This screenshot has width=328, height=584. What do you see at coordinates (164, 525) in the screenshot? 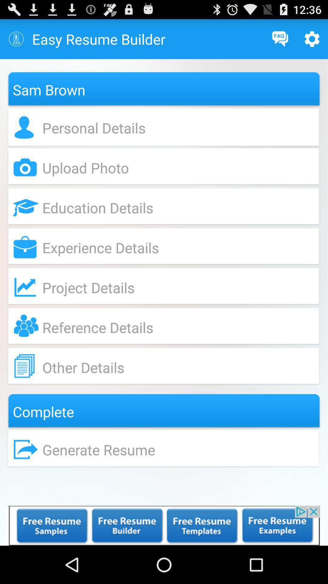
I see `advertisement` at bounding box center [164, 525].